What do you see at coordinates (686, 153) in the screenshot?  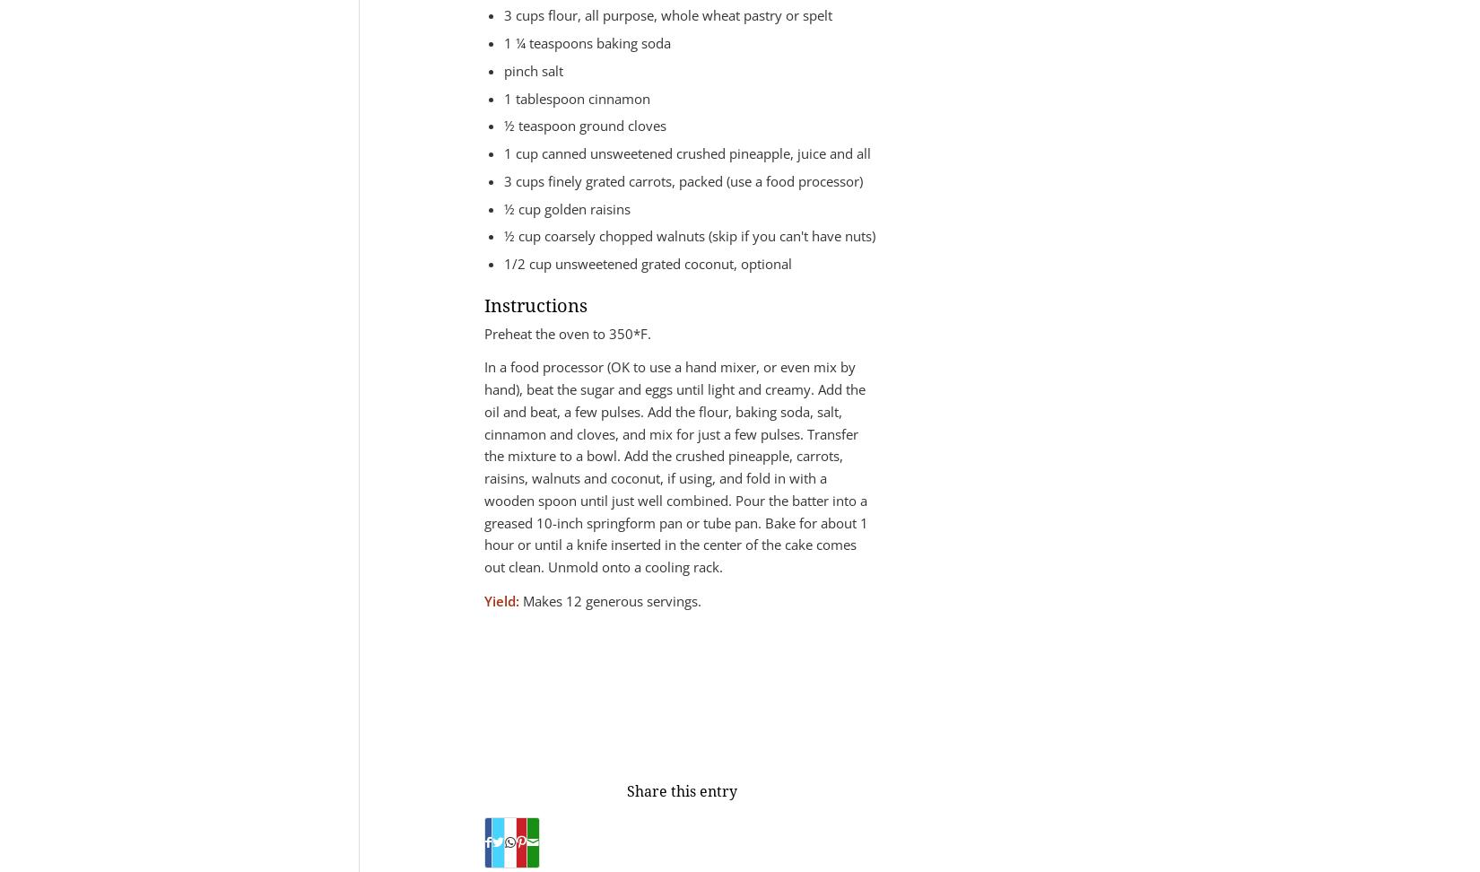 I see `'1 cup canned unsweetened crushed pineapple, juice and all'` at bounding box center [686, 153].